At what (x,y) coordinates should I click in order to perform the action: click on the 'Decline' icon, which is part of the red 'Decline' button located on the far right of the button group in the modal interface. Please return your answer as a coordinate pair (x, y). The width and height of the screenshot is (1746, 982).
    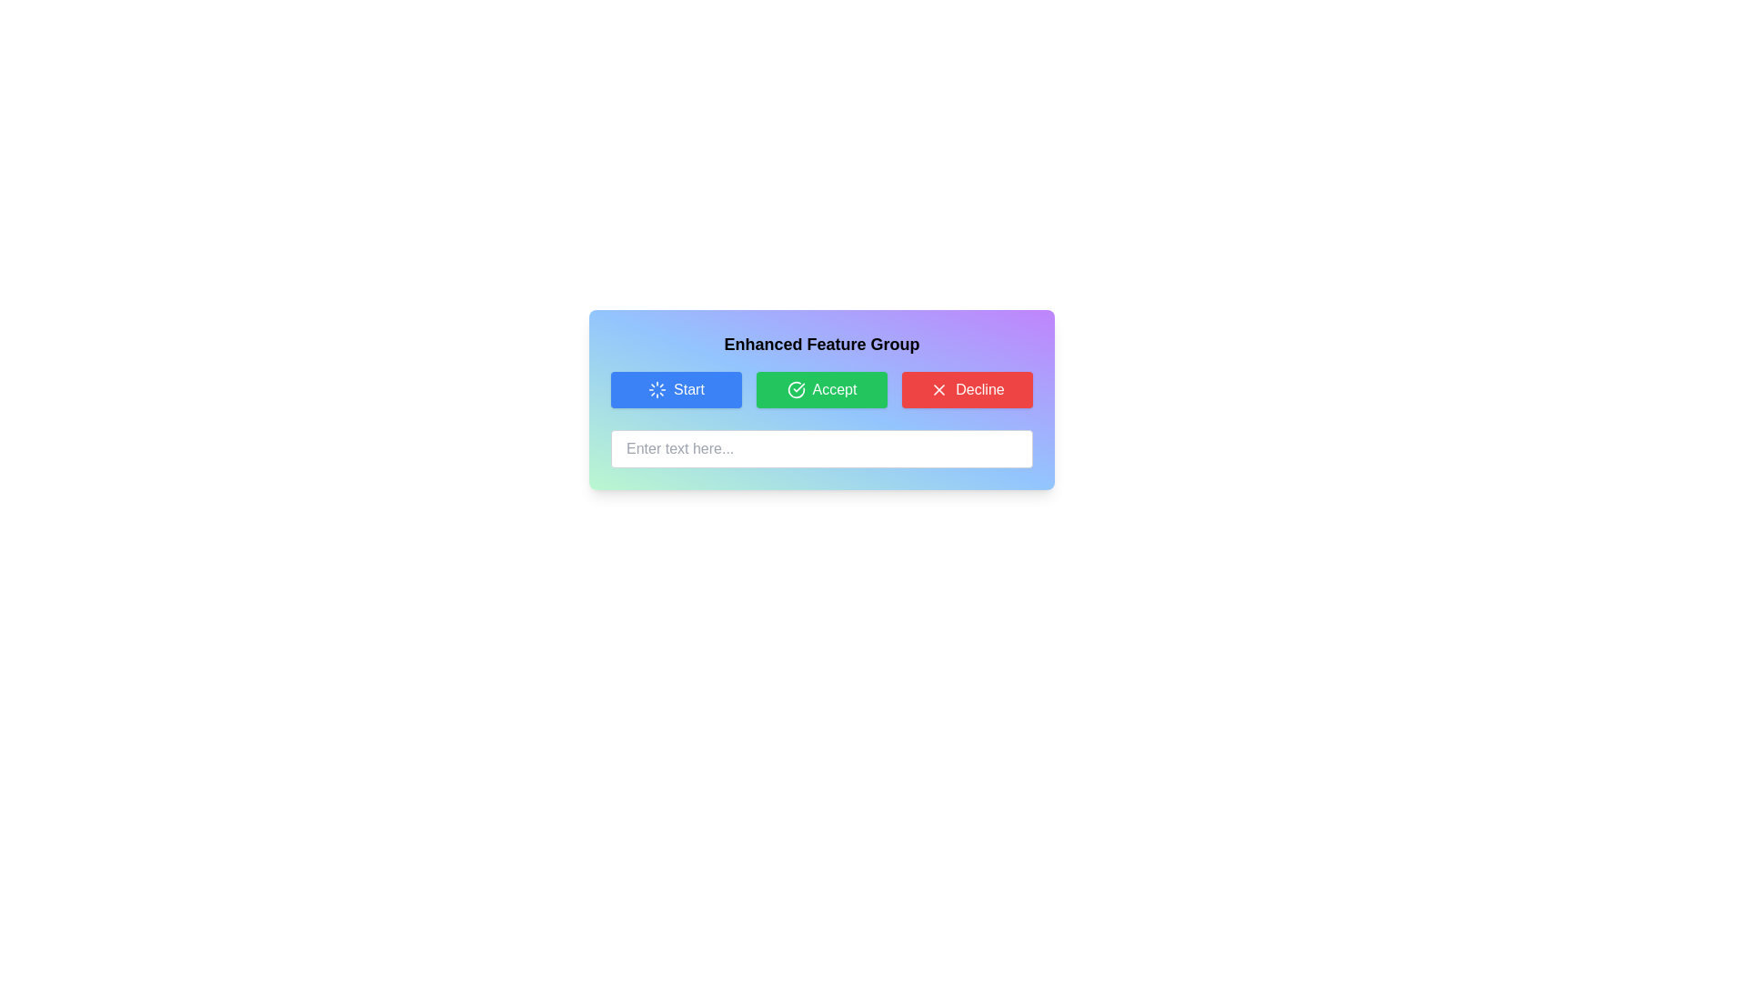
    Looking at the image, I should click on (939, 388).